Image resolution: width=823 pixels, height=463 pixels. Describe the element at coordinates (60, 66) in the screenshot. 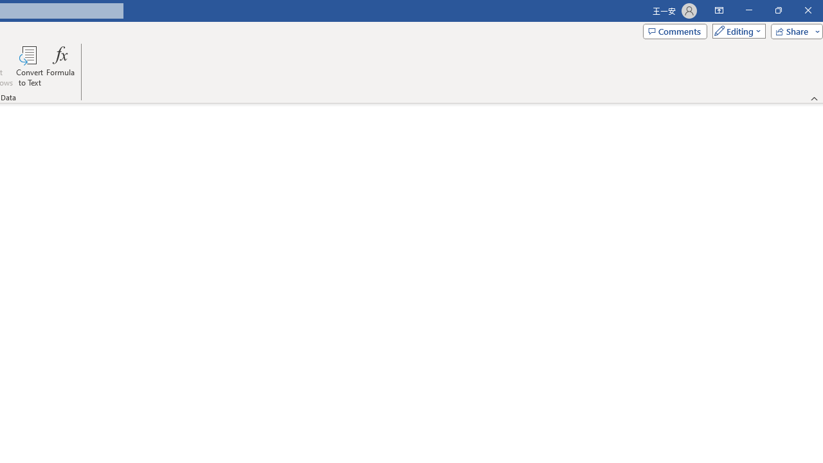

I see `'Formula...'` at that location.